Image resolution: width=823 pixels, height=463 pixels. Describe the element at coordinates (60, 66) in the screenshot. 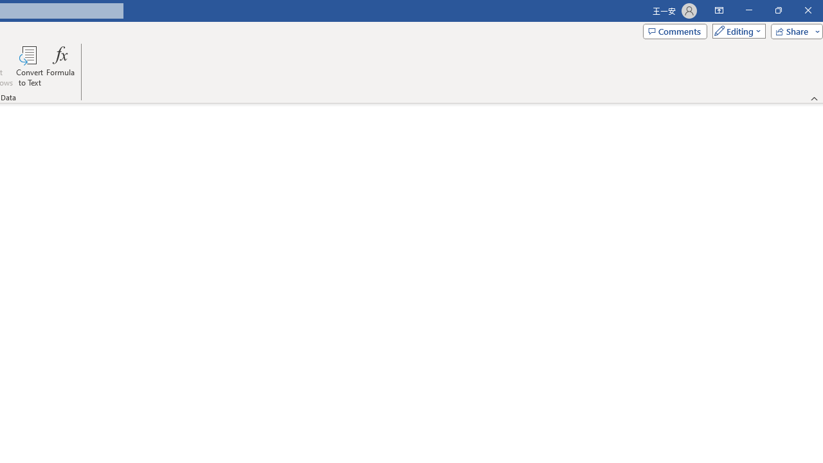

I see `'Formula...'` at that location.